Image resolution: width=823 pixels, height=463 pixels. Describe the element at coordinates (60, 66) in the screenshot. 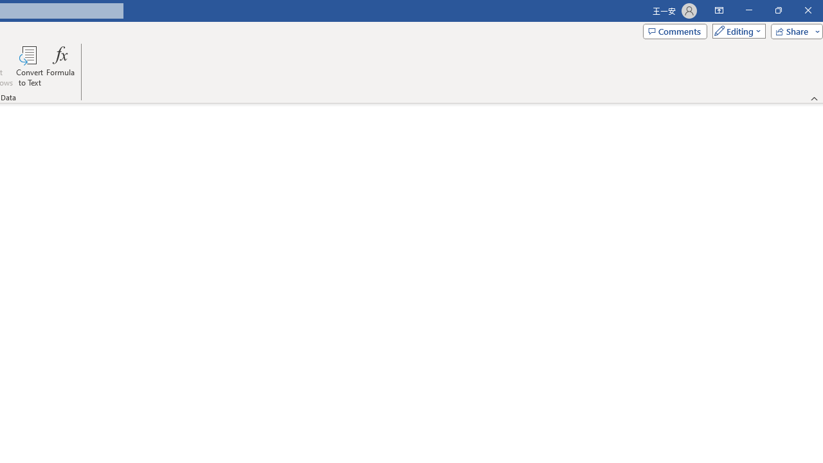

I see `'Formula...'` at that location.